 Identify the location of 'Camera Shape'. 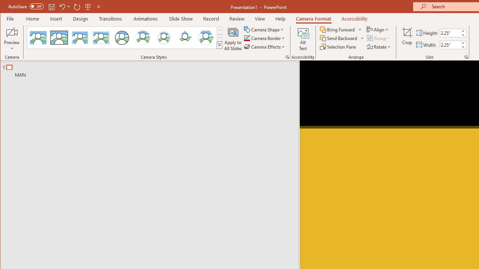
(265, 29).